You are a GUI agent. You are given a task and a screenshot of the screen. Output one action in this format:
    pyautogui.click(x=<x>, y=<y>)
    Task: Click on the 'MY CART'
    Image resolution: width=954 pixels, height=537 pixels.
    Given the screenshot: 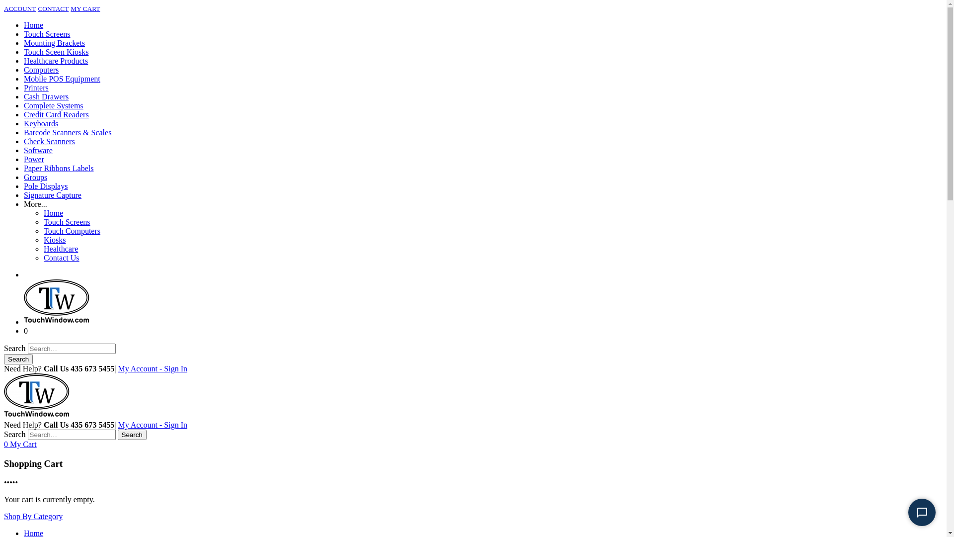 What is the action you would take?
    pyautogui.click(x=85, y=8)
    